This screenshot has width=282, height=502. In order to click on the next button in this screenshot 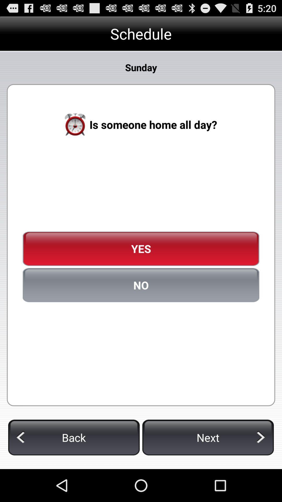, I will do `click(208, 437)`.